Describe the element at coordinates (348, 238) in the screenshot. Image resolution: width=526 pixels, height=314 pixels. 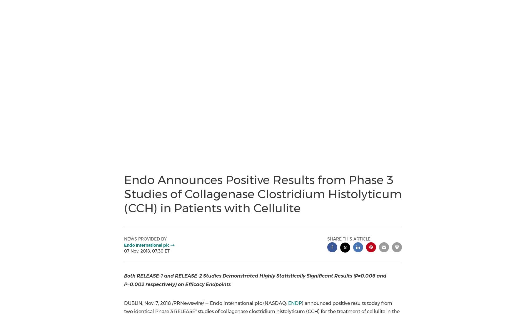
I see `'Share this article'` at that location.